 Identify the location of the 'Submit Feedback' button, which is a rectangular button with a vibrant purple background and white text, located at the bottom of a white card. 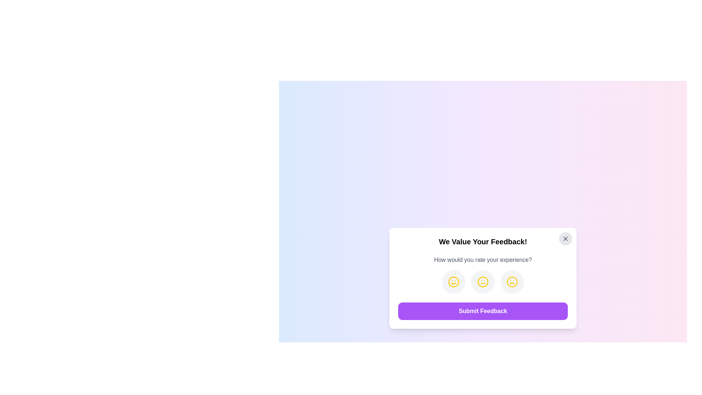
(483, 311).